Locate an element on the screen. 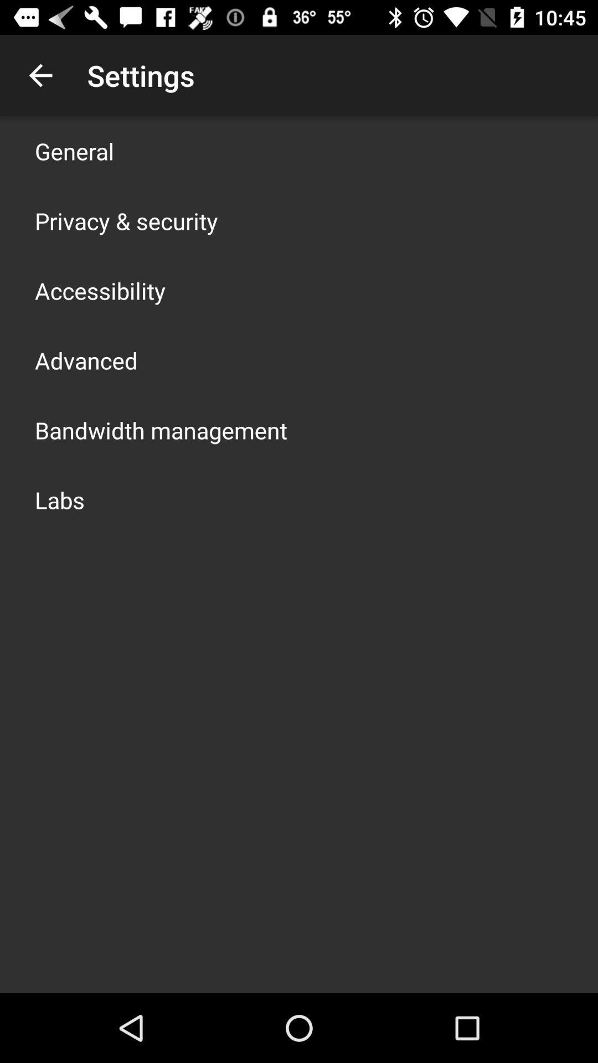  item above the accessibility is located at coordinates (126, 220).